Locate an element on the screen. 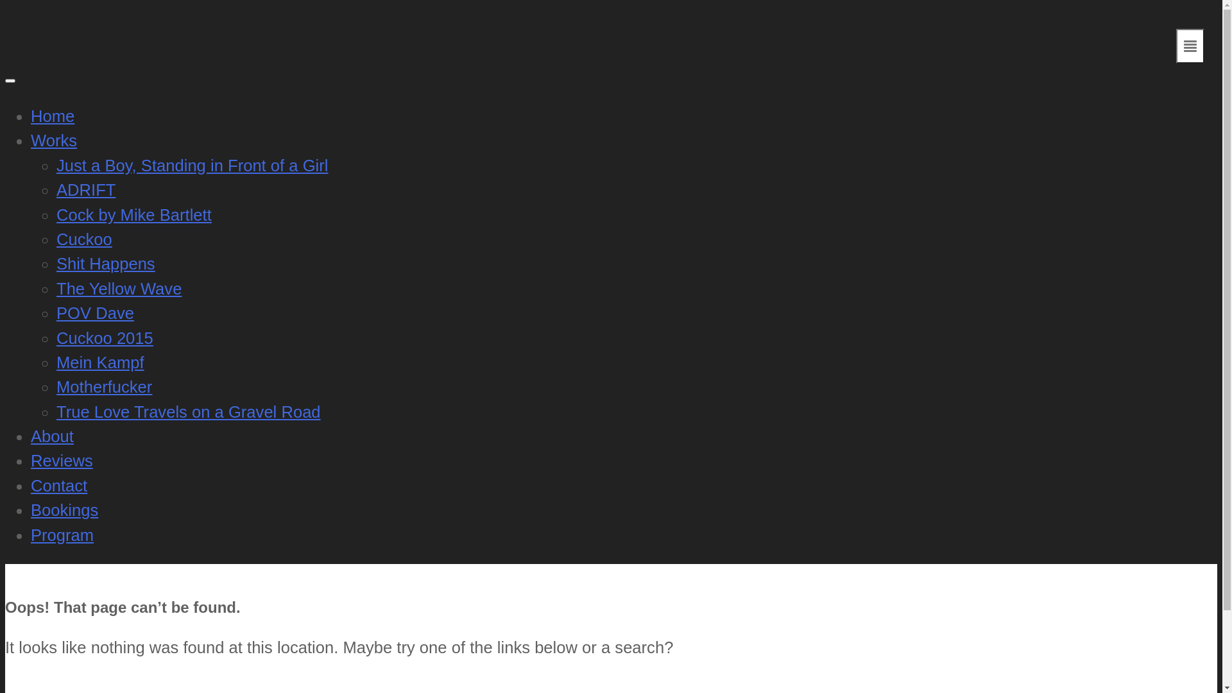 Image resolution: width=1232 pixels, height=693 pixels. 'Program' is located at coordinates (31, 535).